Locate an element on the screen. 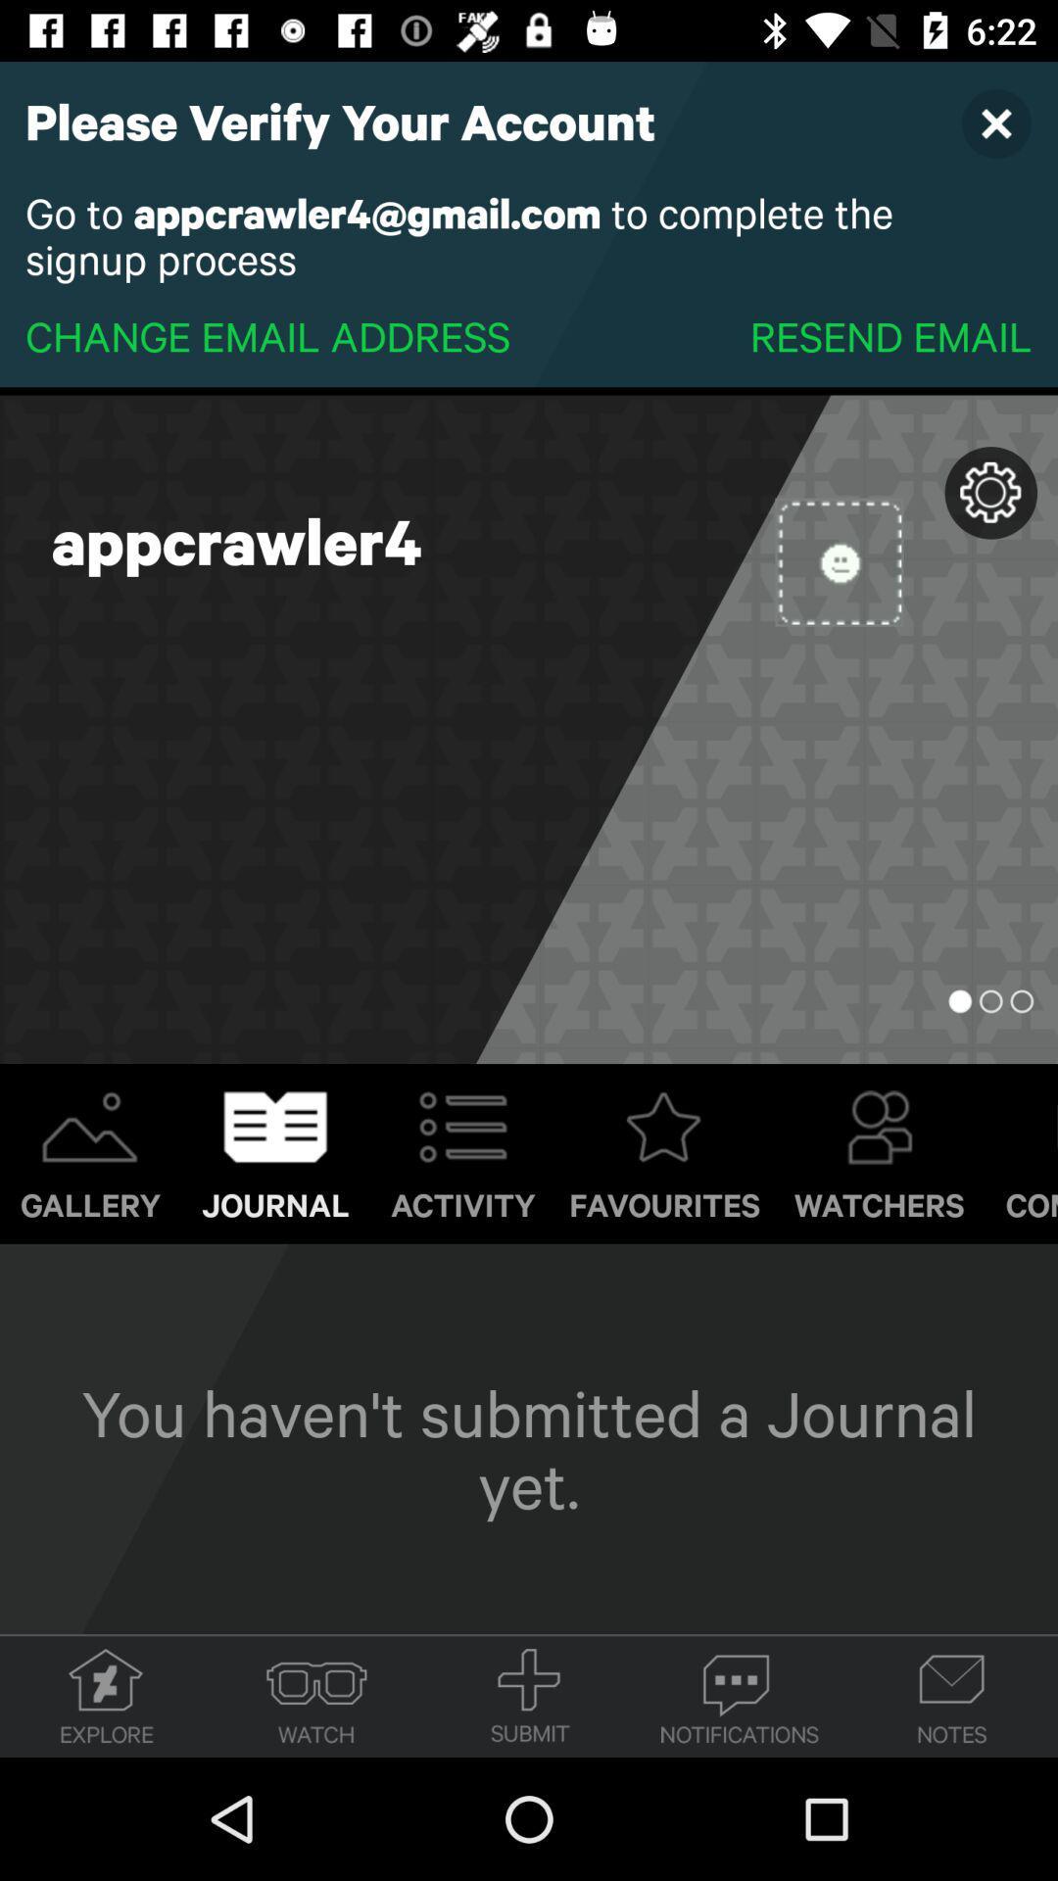 Image resolution: width=1058 pixels, height=1881 pixels. item to the right of change email address icon is located at coordinates (890, 335).